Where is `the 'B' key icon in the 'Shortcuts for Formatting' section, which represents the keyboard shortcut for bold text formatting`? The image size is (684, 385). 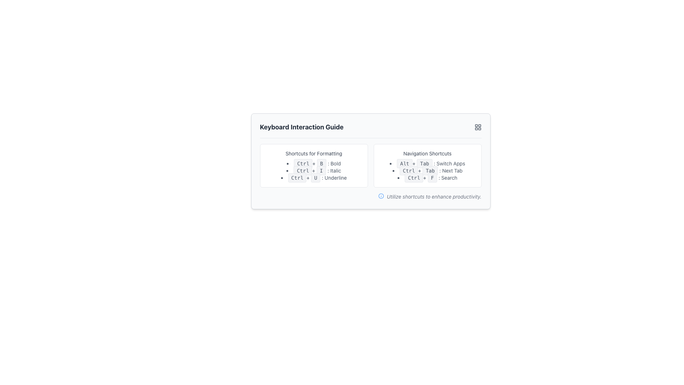
the 'B' key icon in the 'Shortcuts for Formatting' section, which represents the keyboard shortcut for bold text formatting is located at coordinates (321, 164).